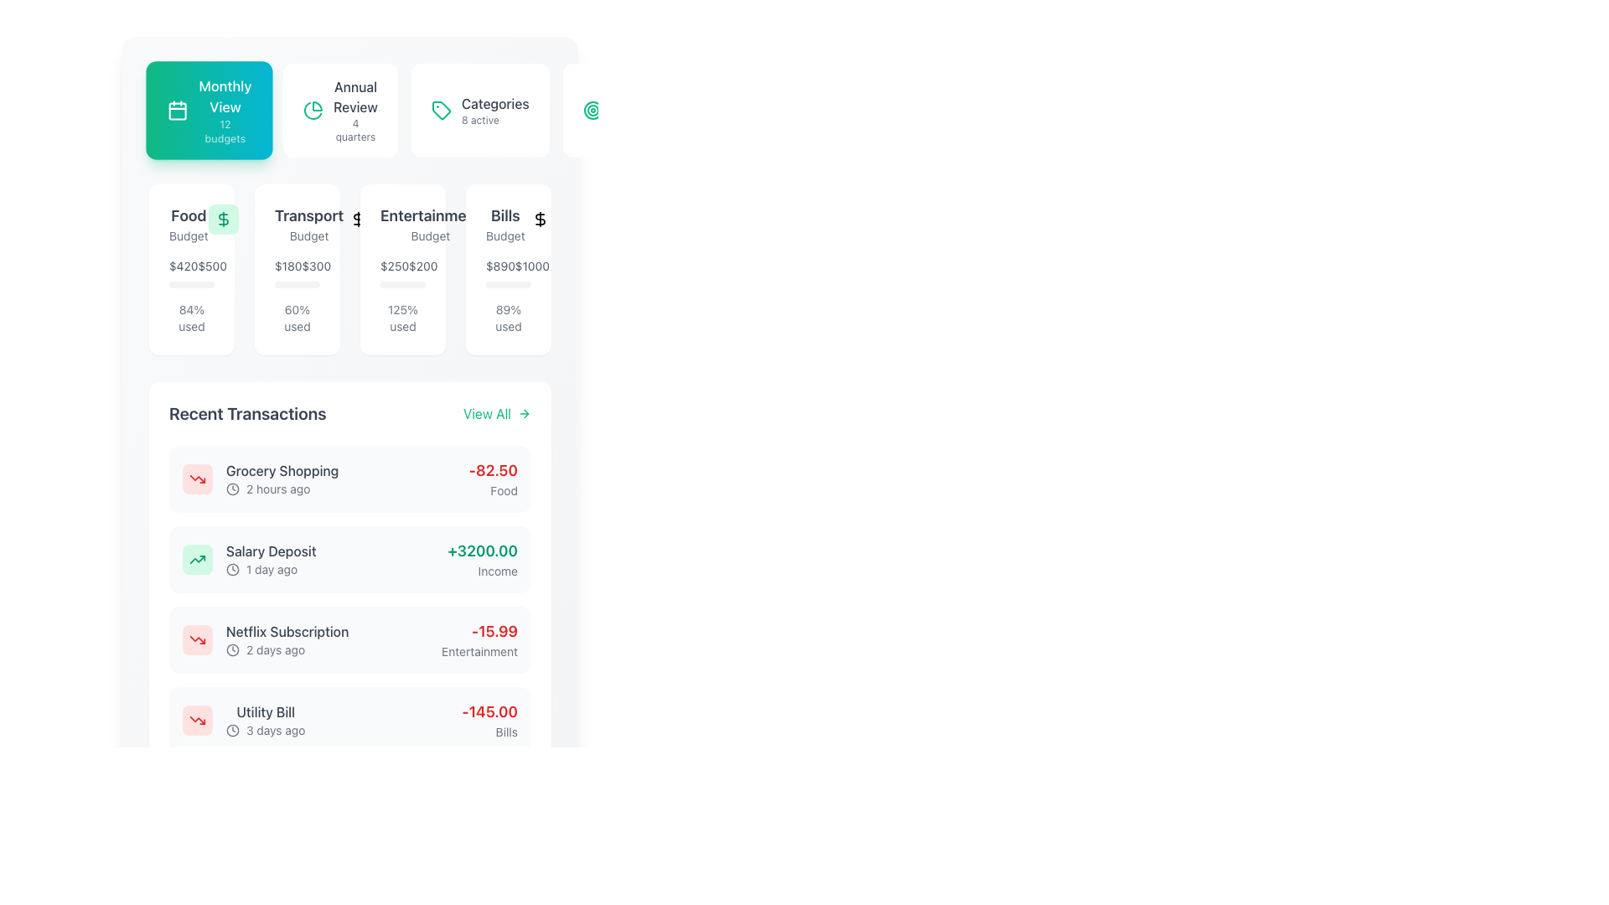 Image resolution: width=1609 pixels, height=905 pixels. What do you see at coordinates (494, 103) in the screenshot?
I see `the 'Categories' text element, which is displayed in medium font weight and has a dark color on a light background, located in the top row of navigation buttons, third from the left` at bounding box center [494, 103].